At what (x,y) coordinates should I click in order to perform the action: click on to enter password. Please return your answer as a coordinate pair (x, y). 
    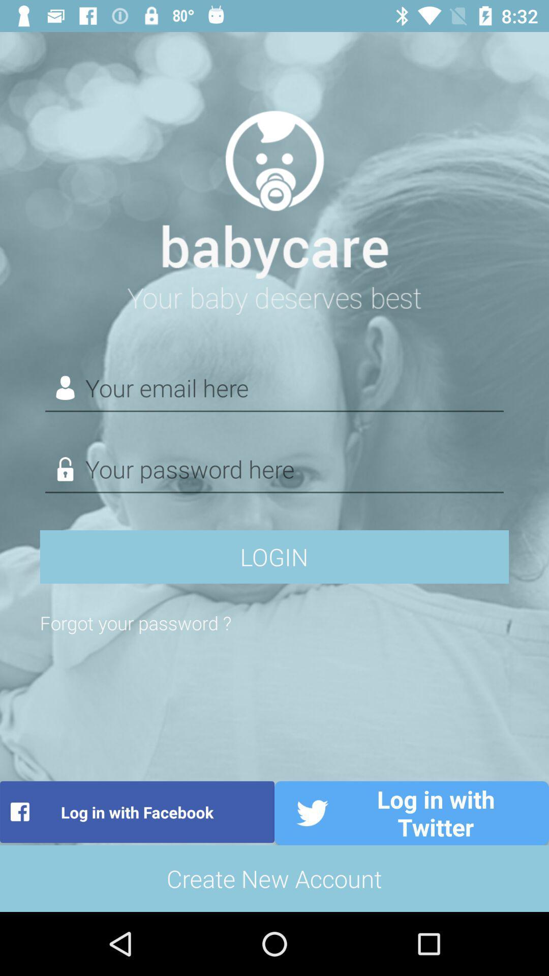
    Looking at the image, I should click on (274, 469).